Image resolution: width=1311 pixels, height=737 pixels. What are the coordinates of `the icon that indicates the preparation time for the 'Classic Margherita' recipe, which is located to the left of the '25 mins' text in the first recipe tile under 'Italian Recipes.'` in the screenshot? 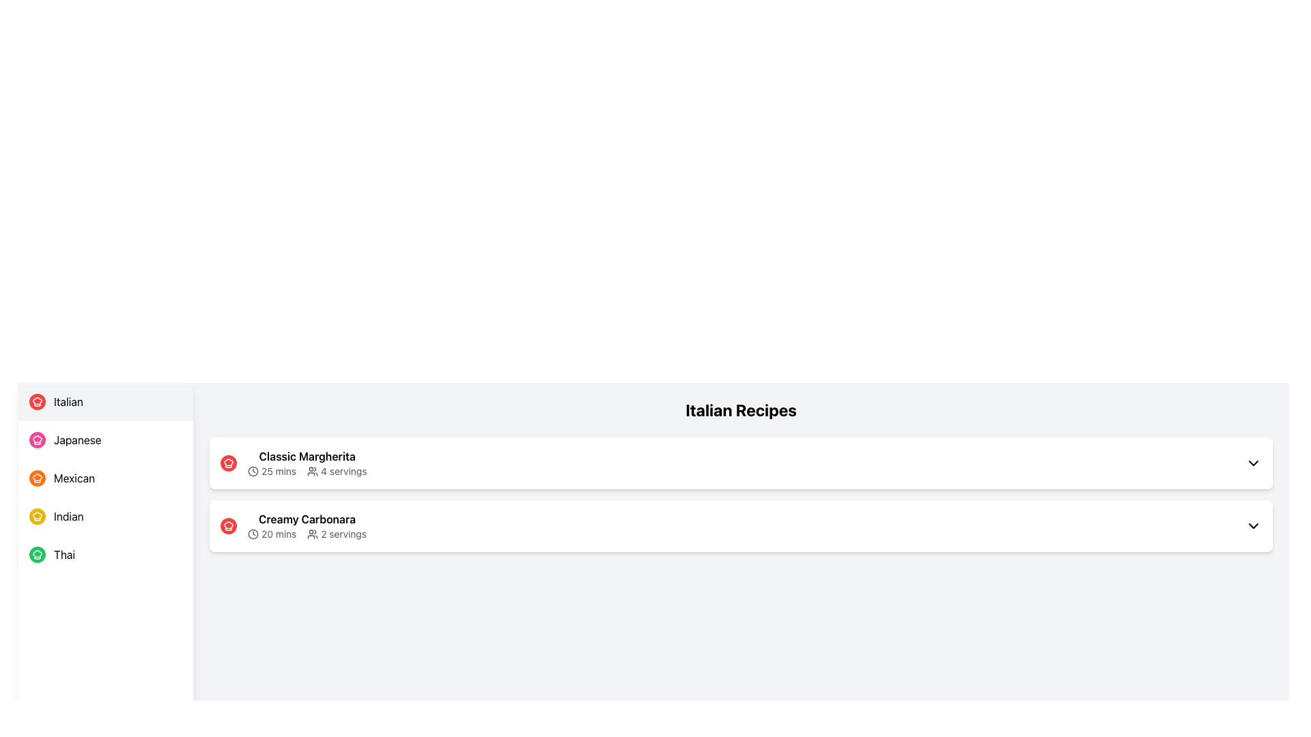 It's located at (253, 470).